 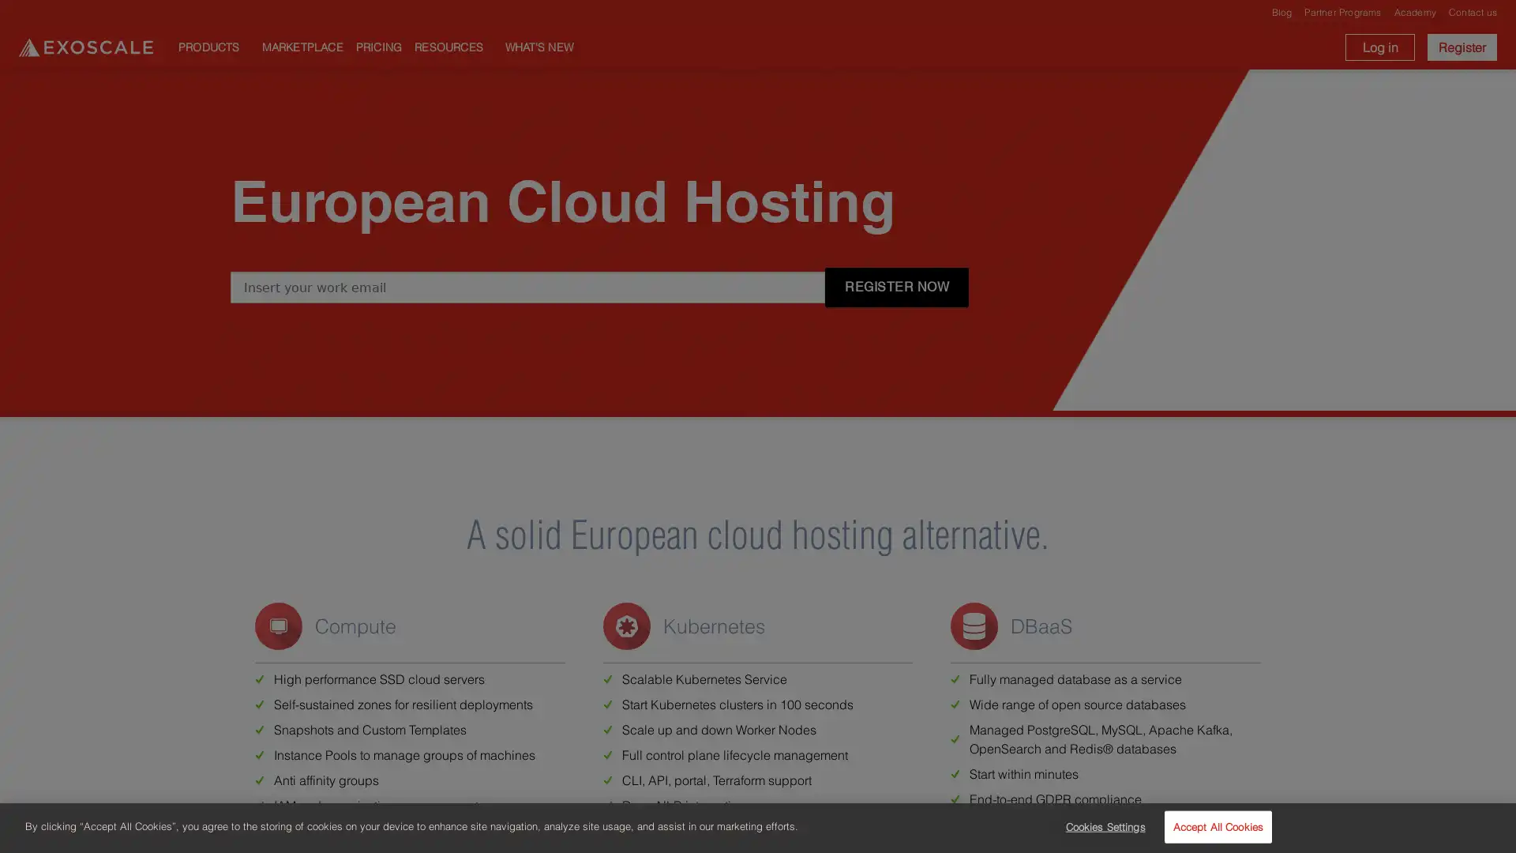 I want to click on Cookies Settings, so click(x=1100, y=825).